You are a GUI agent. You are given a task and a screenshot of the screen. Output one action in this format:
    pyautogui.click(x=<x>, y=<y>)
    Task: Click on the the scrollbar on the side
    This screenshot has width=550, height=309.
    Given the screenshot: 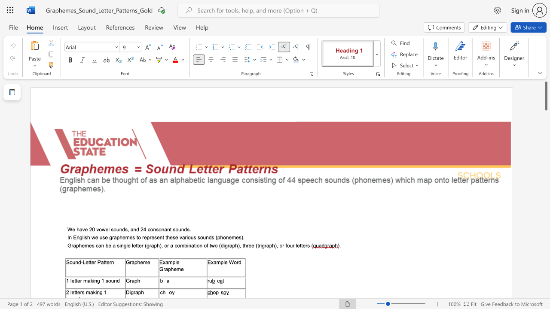 What is the action you would take?
    pyautogui.click(x=545, y=288)
    